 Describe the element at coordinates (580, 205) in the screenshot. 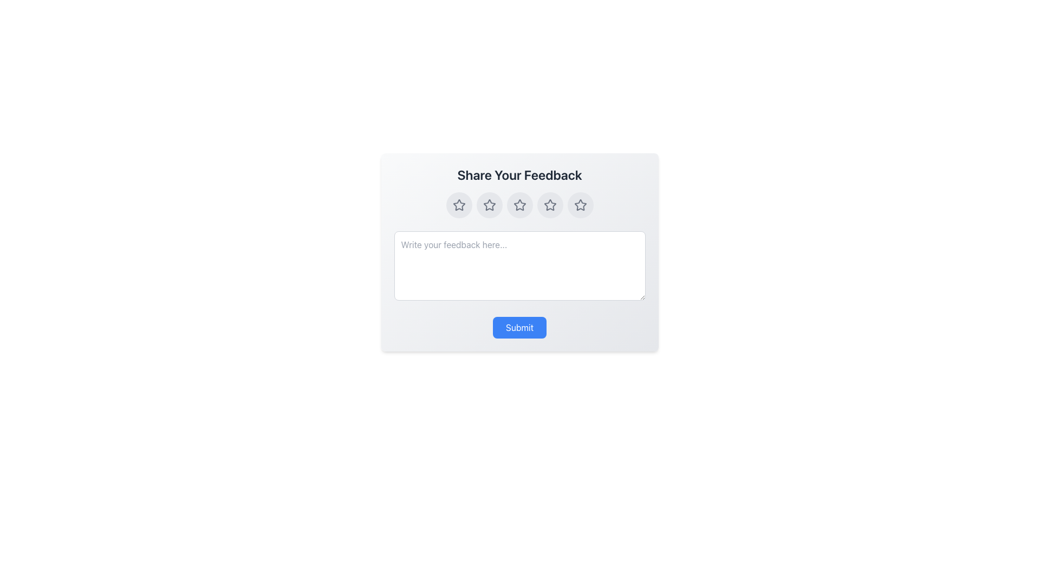

I see `the fifth star-shaped icon with a gray outline in the feedback form` at that location.